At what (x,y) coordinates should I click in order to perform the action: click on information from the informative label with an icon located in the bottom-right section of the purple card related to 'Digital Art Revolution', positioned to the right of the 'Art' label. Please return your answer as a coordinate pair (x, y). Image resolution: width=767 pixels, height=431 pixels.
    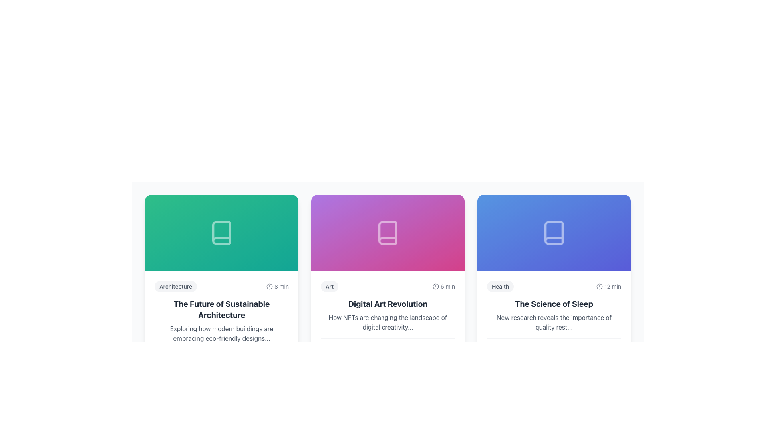
    Looking at the image, I should click on (443, 286).